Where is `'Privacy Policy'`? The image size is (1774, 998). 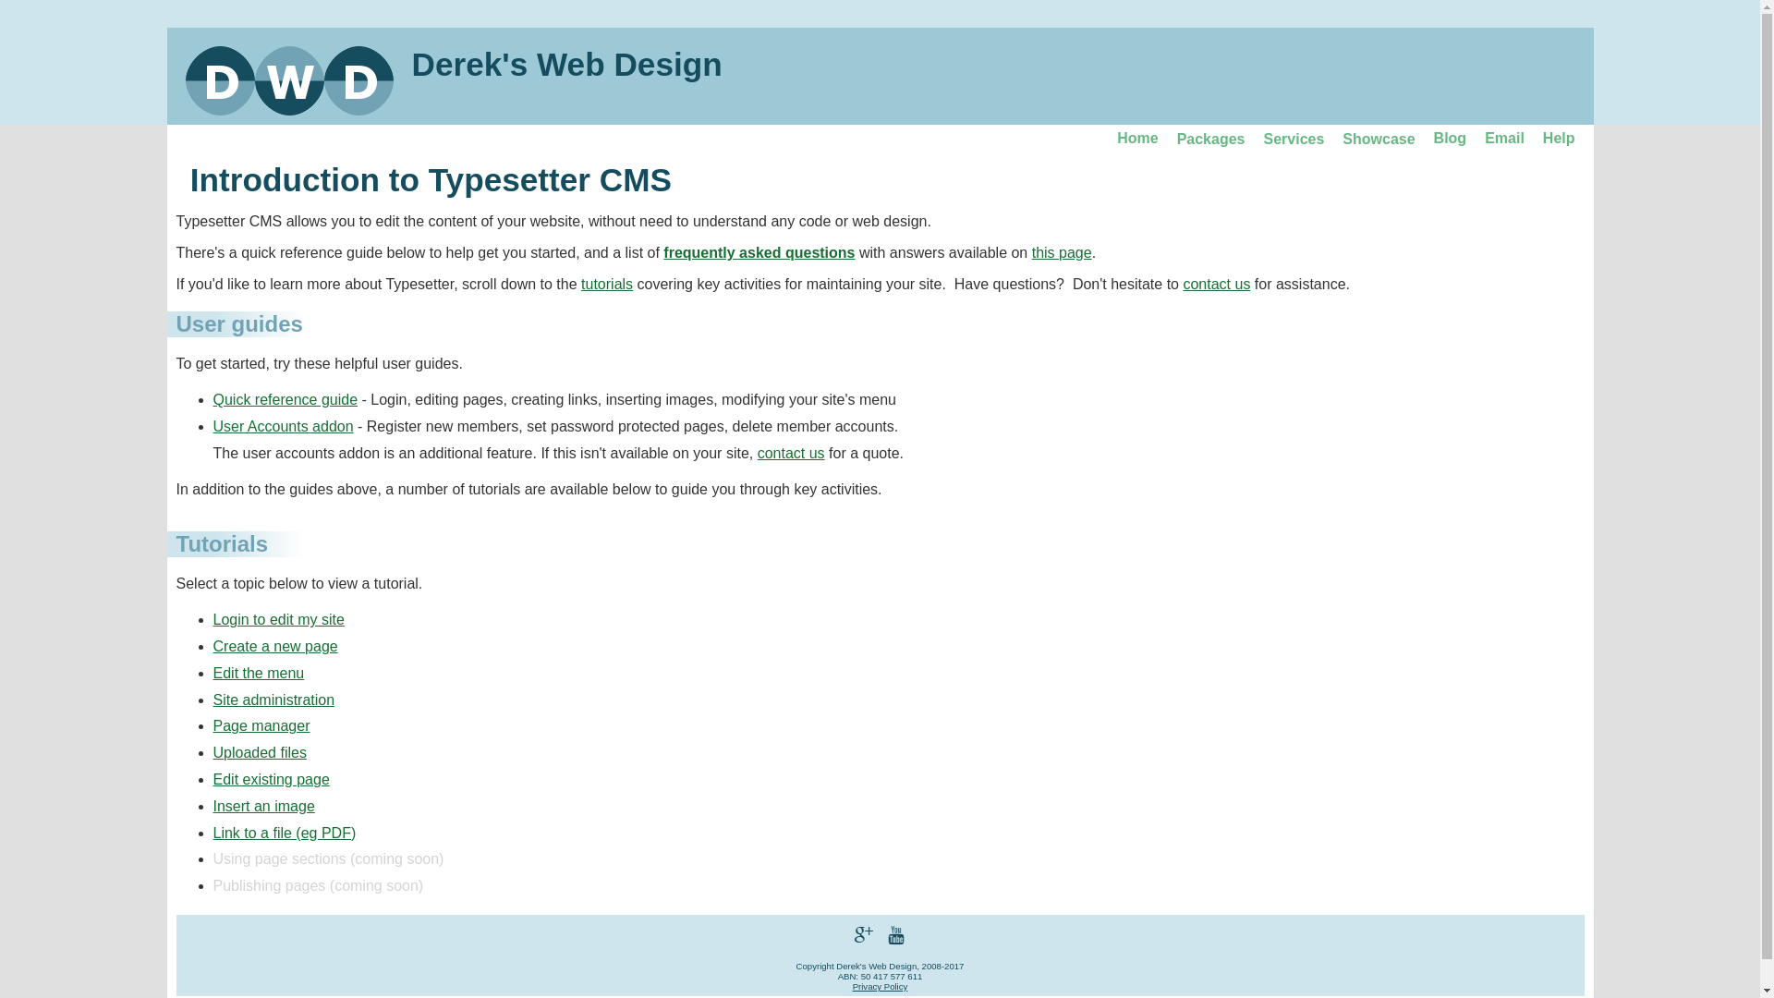 'Privacy Policy' is located at coordinates (851, 985).